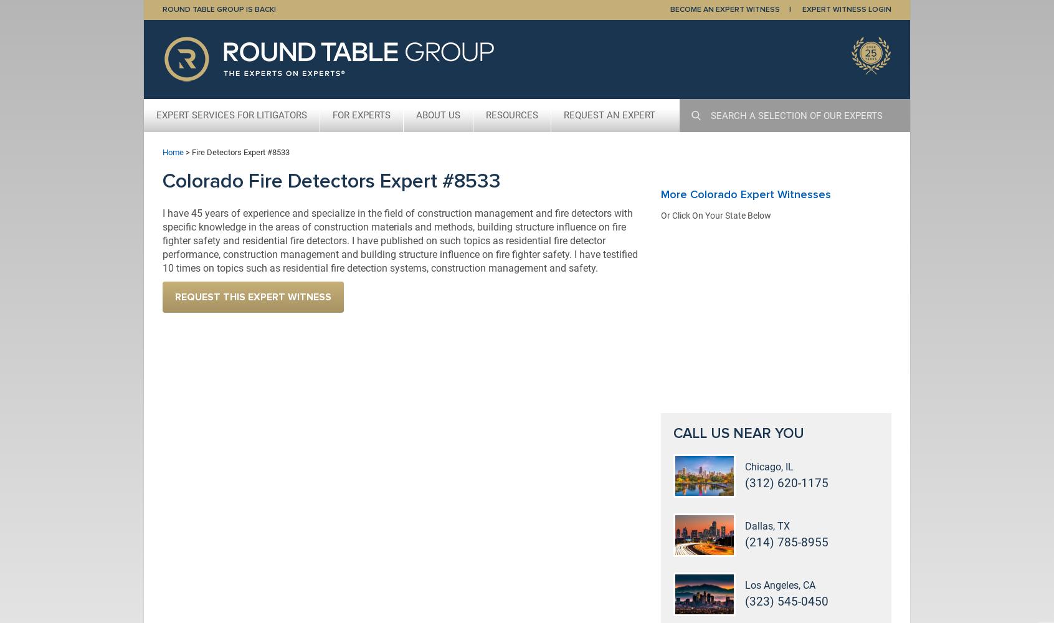 This screenshot has width=1054, height=623. What do you see at coordinates (745, 194) in the screenshot?
I see `'More Colorado Expert Witnesses'` at bounding box center [745, 194].